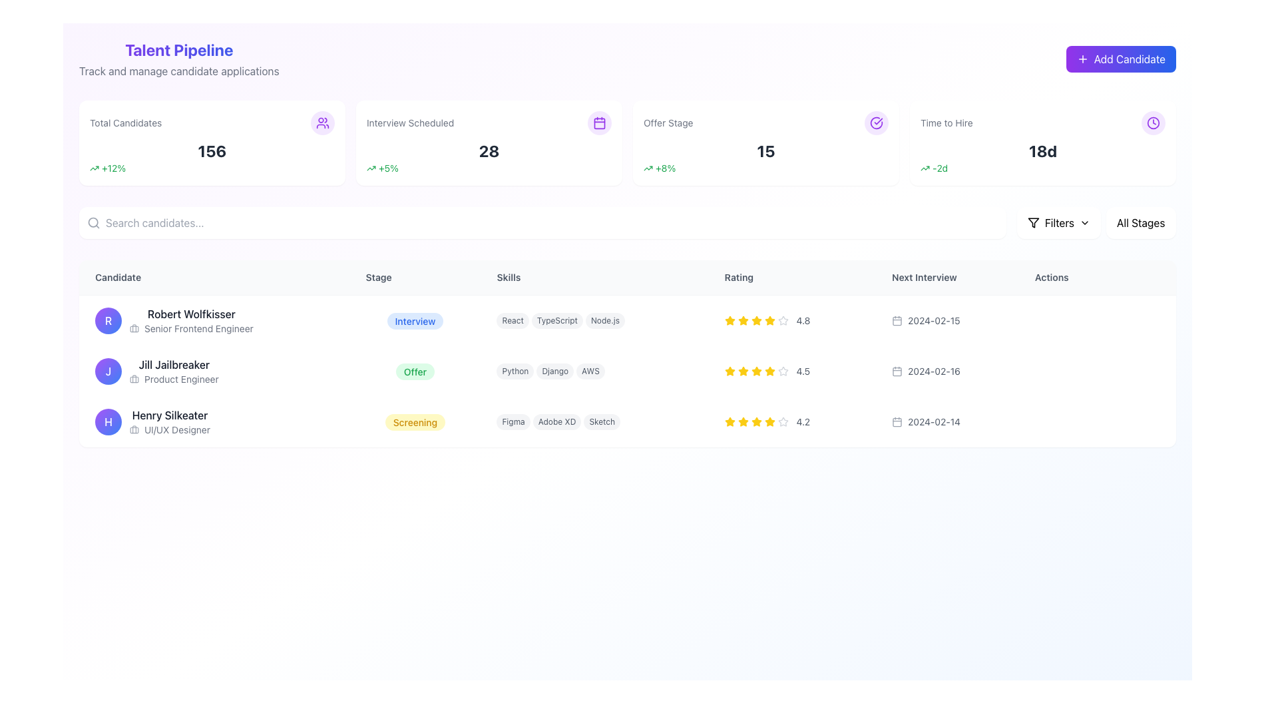  What do you see at coordinates (1074, 371) in the screenshot?
I see `the call button for the candidate Jill Jailbreaker, which is the second action button in the Actions column` at bounding box center [1074, 371].